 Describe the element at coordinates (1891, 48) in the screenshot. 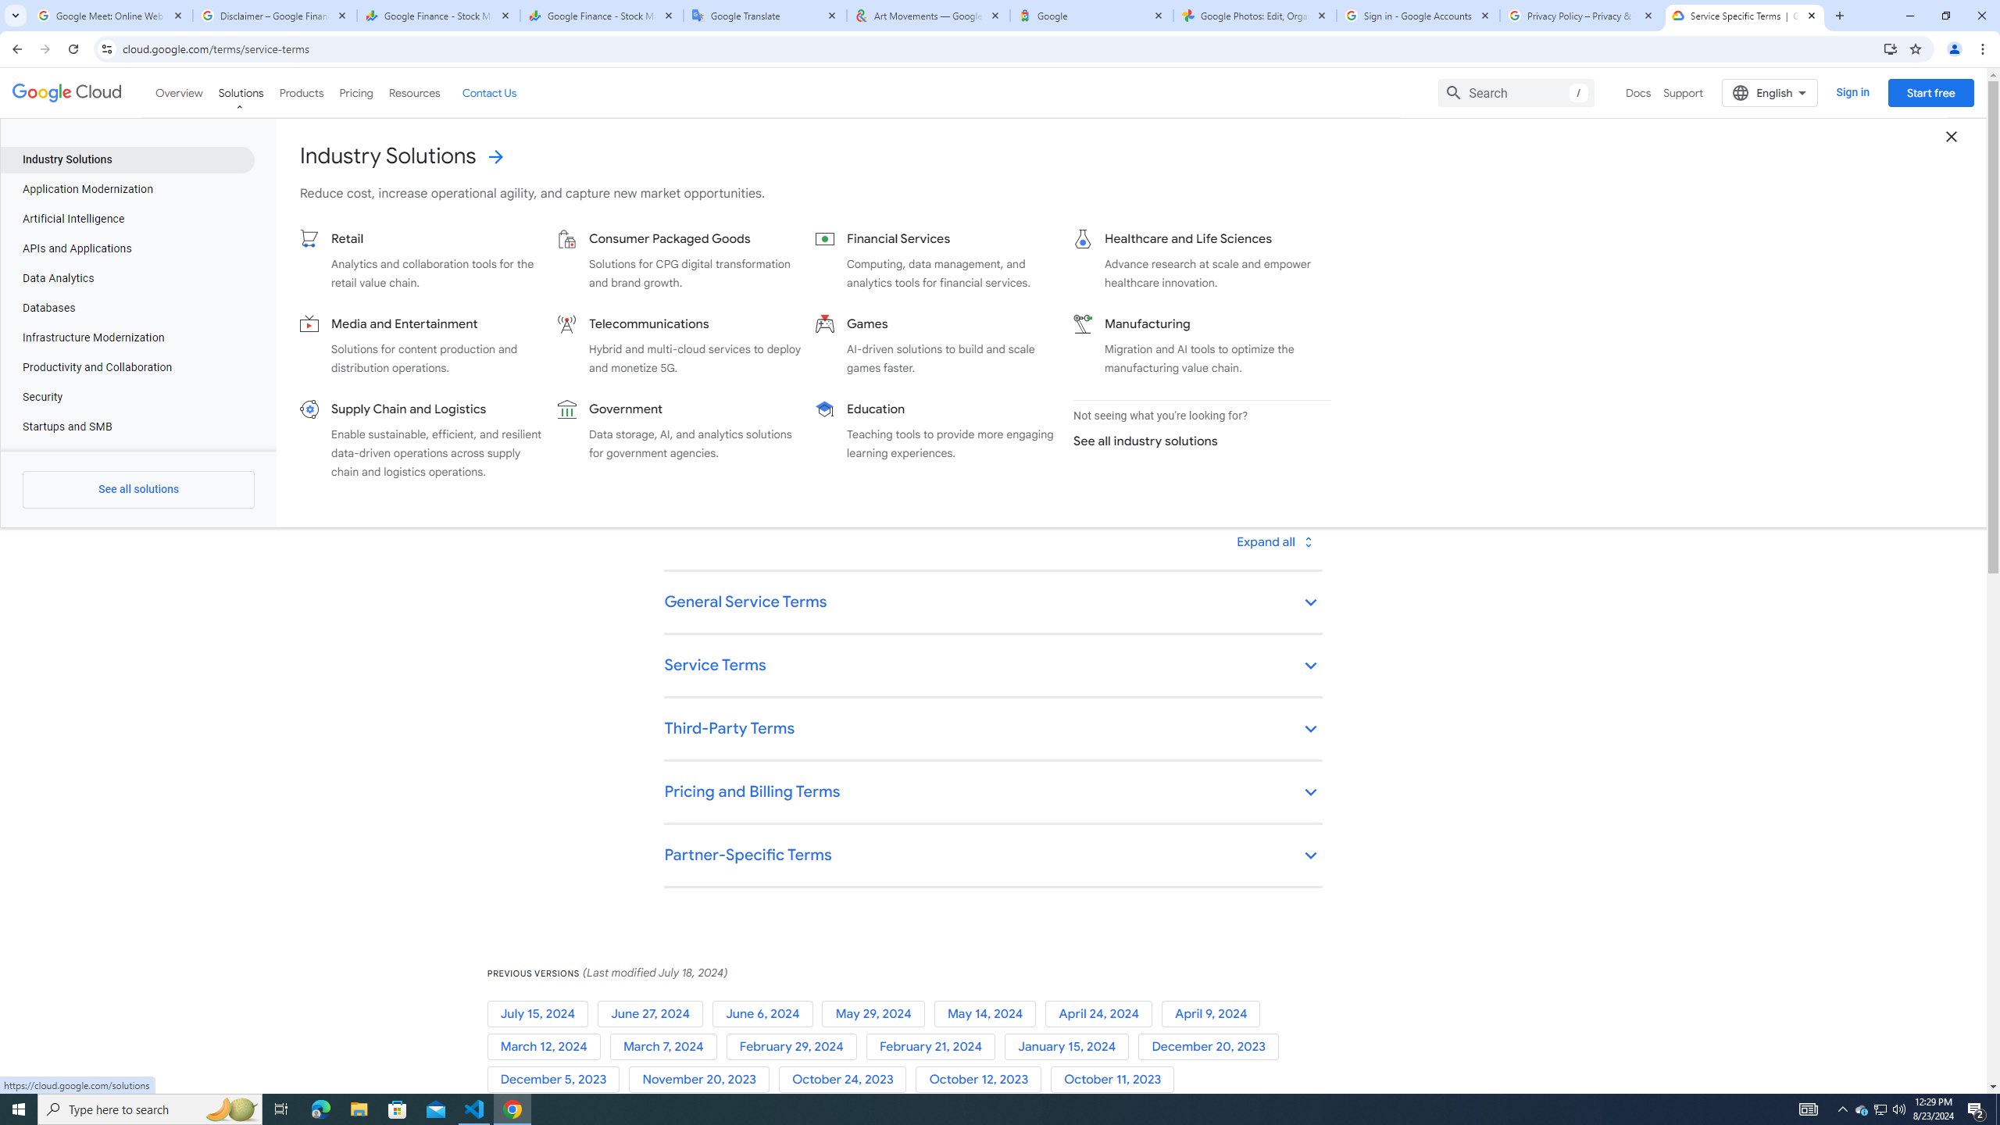

I see `'Install Google Cloud'` at that location.